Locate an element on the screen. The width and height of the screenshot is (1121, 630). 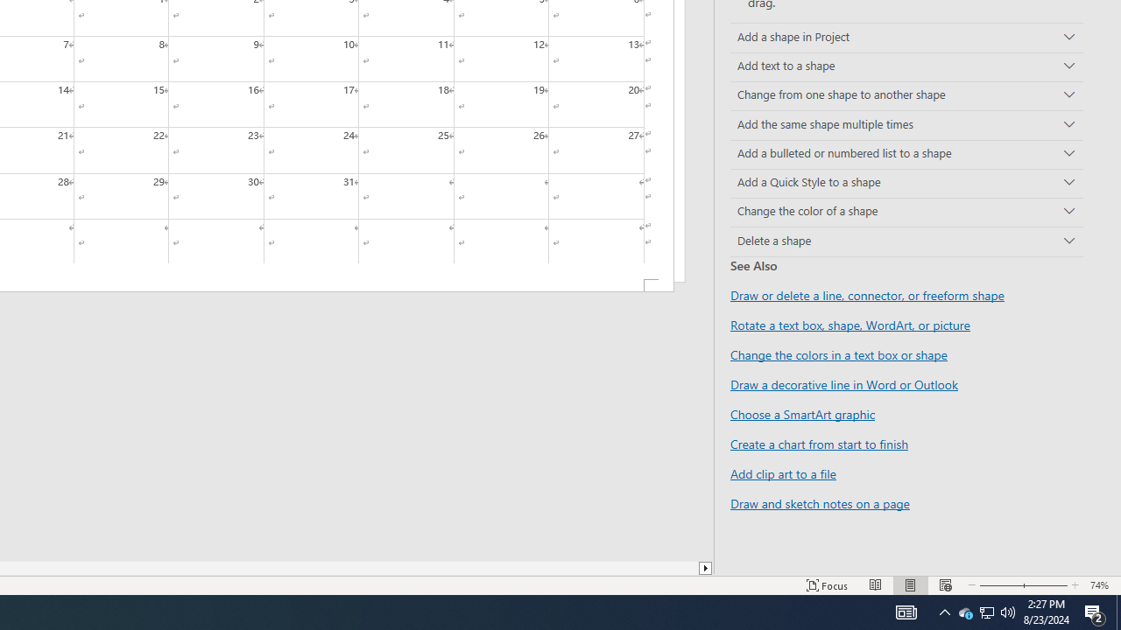
'Draw or delete a line, connector, or freeform shape' is located at coordinates (867, 294).